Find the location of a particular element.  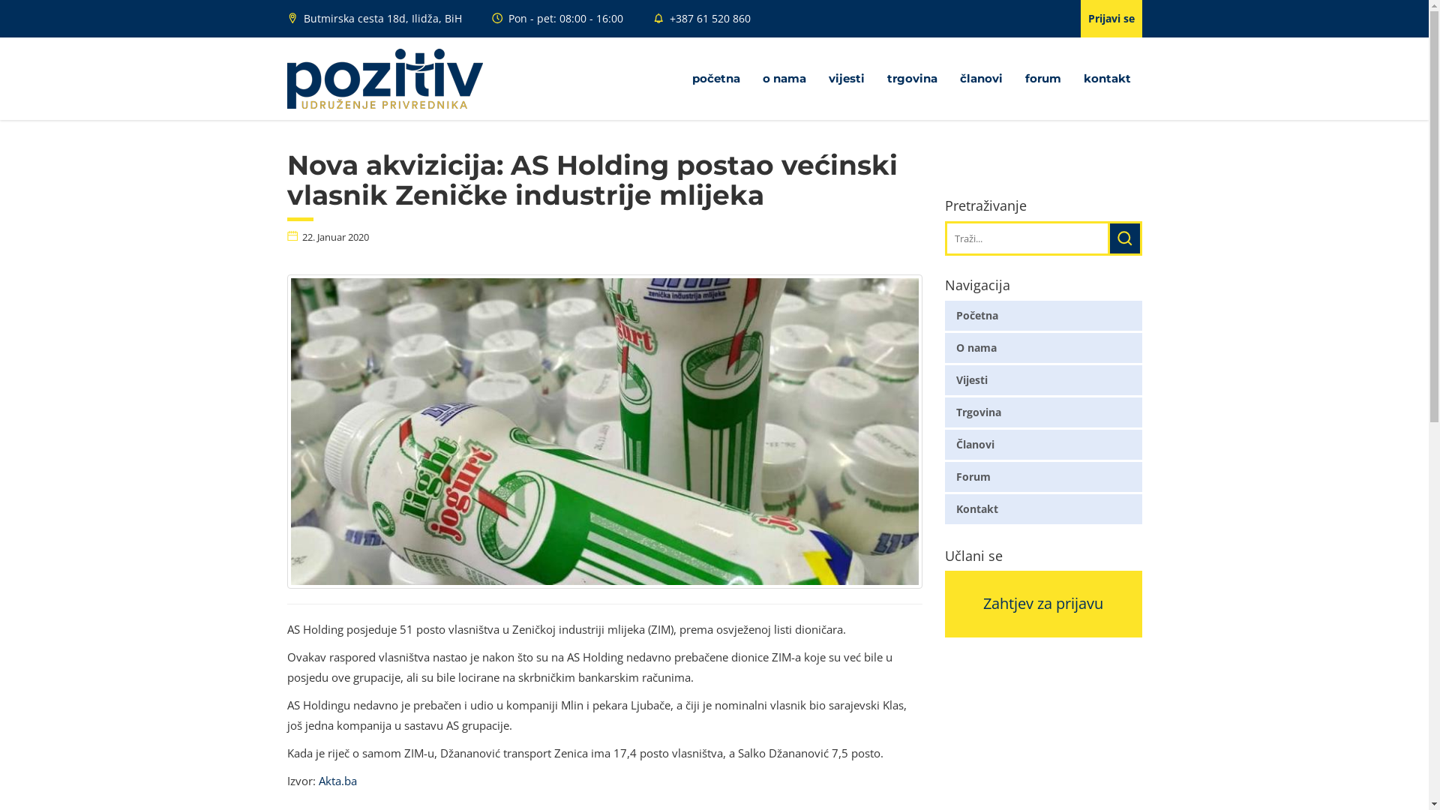

'Kontakt' is located at coordinates (1042, 508).